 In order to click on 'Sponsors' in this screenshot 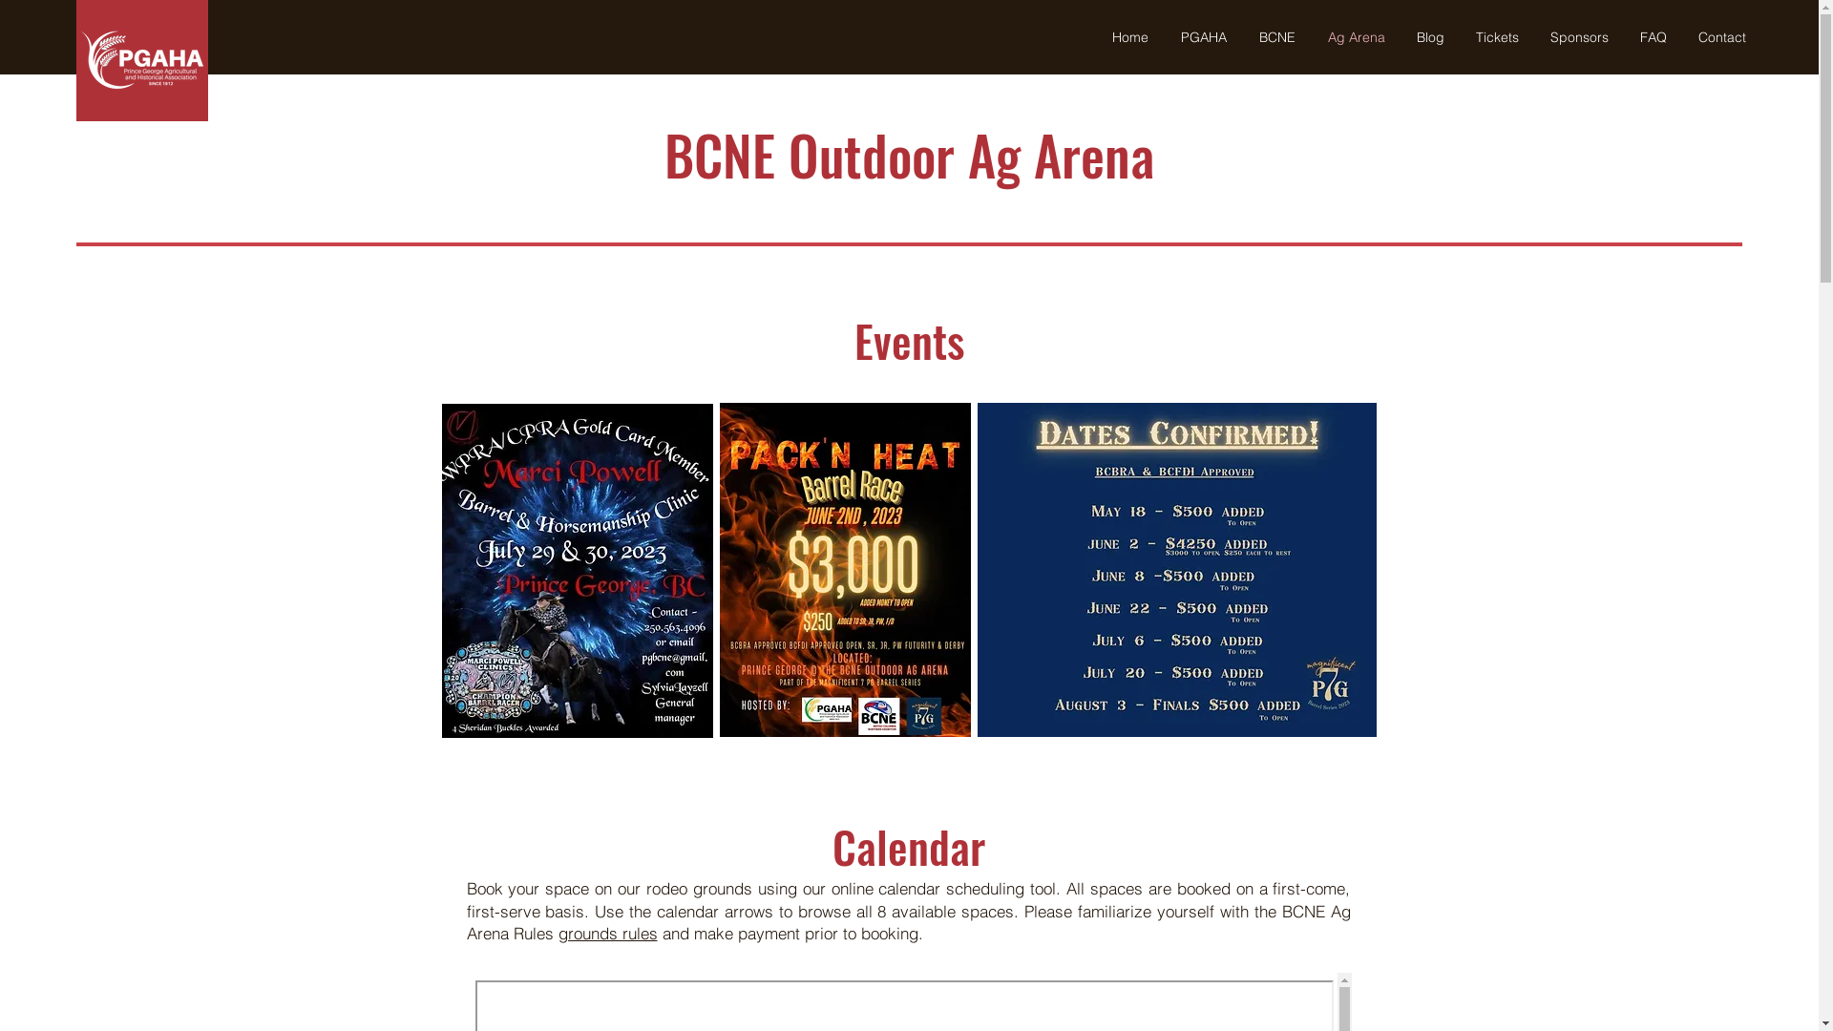, I will do `click(1534, 36)`.